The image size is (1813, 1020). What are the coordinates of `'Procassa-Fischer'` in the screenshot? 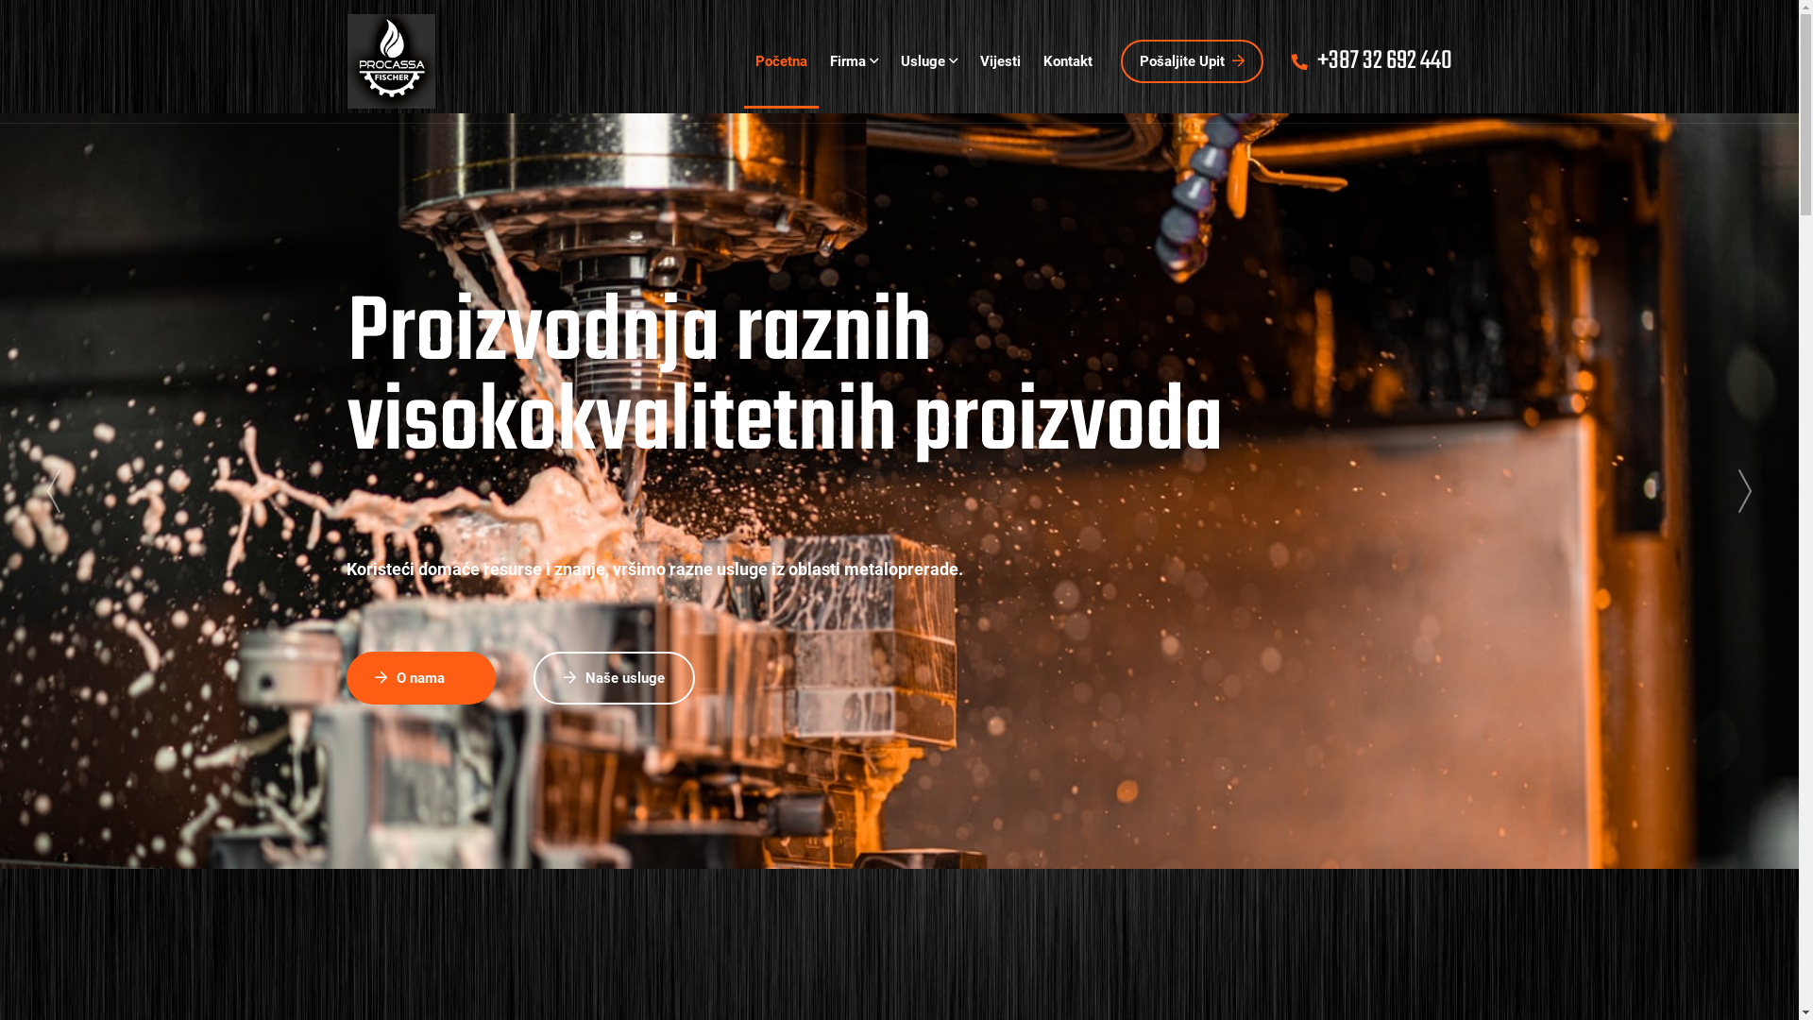 It's located at (390, 60).